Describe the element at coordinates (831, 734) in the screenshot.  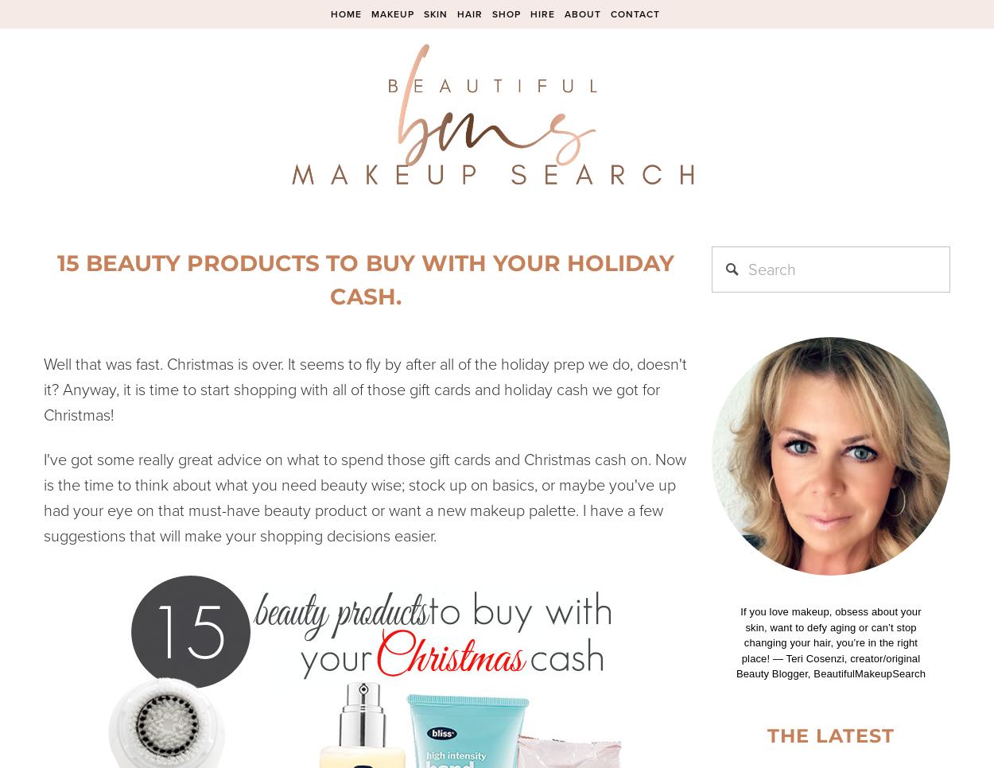
I see `'THE LATEST'` at that location.